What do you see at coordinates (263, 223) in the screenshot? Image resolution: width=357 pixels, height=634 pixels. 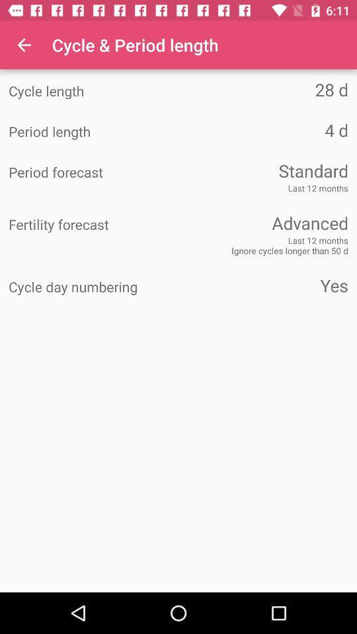 I see `icon next to fertility forecast icon` at bounding box center [263, 223].